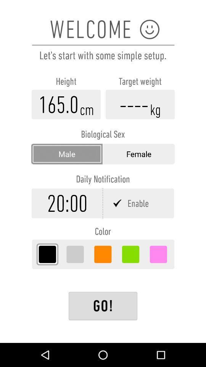 This screenshot has height=367, width=206. I want to click on go do go, so click(103, 306).